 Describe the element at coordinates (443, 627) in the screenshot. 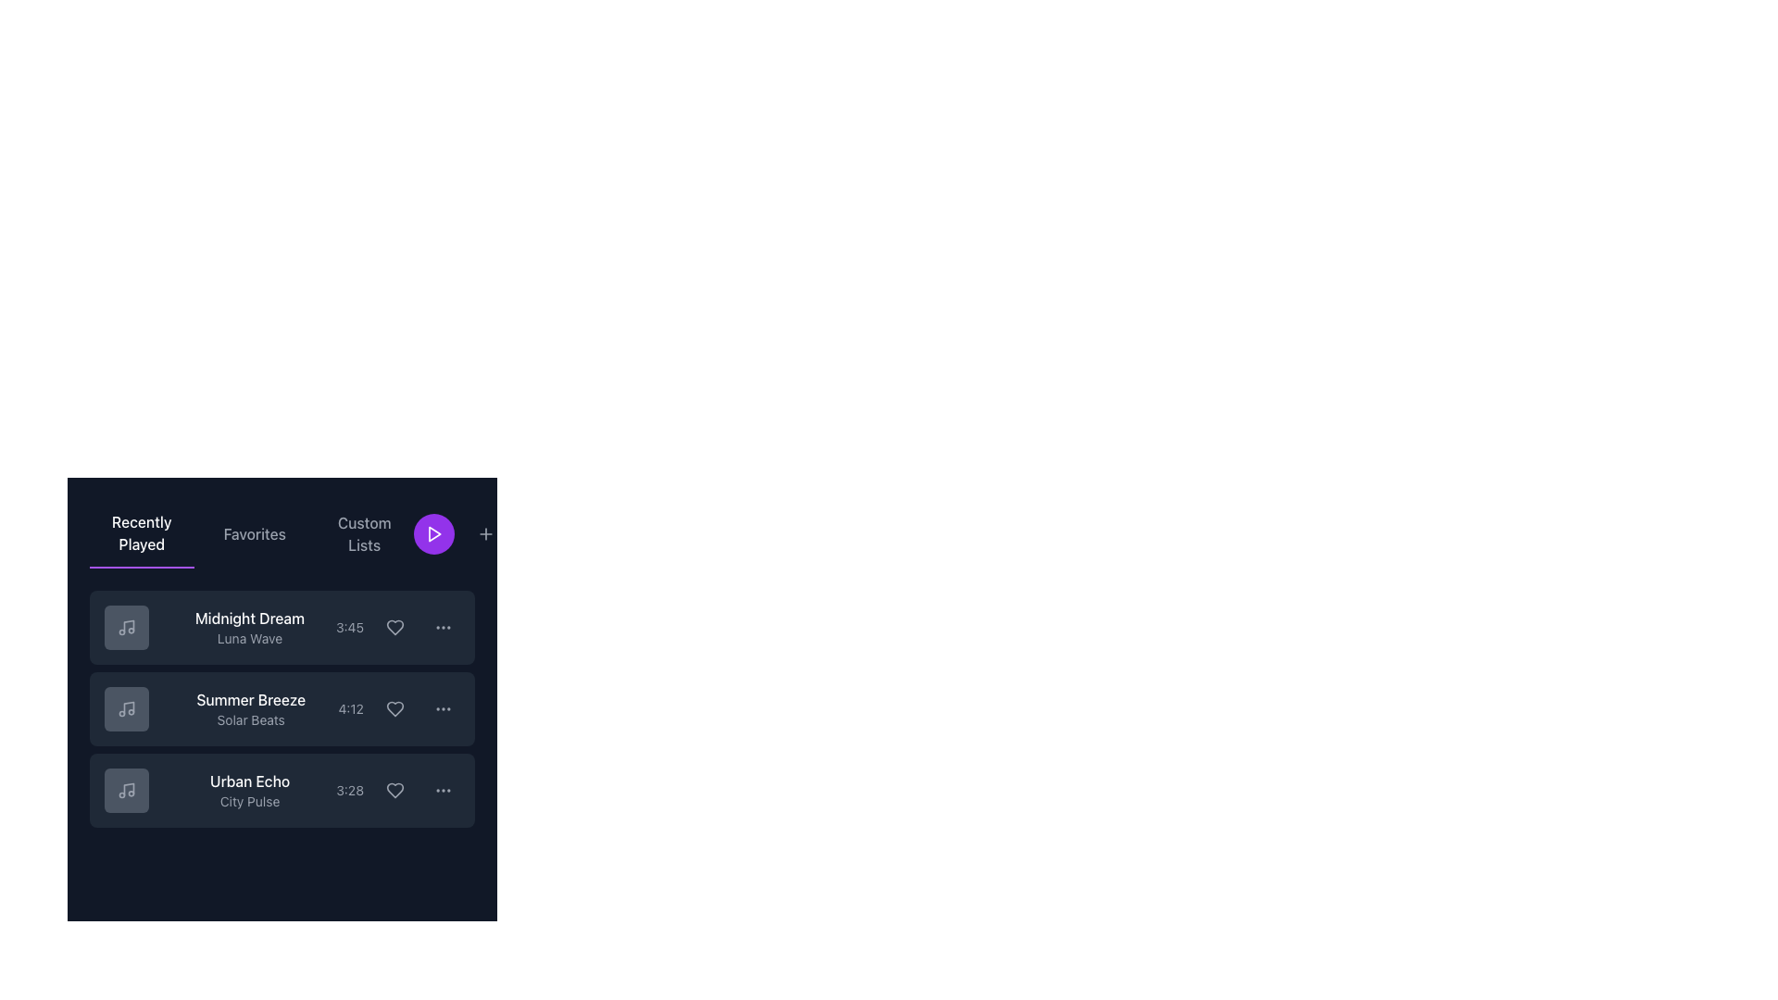

I see `the options menu icon (horizontal ellipsis) located in the 'Recently Played' section beside the 'Midnight Dream' track` at that location.